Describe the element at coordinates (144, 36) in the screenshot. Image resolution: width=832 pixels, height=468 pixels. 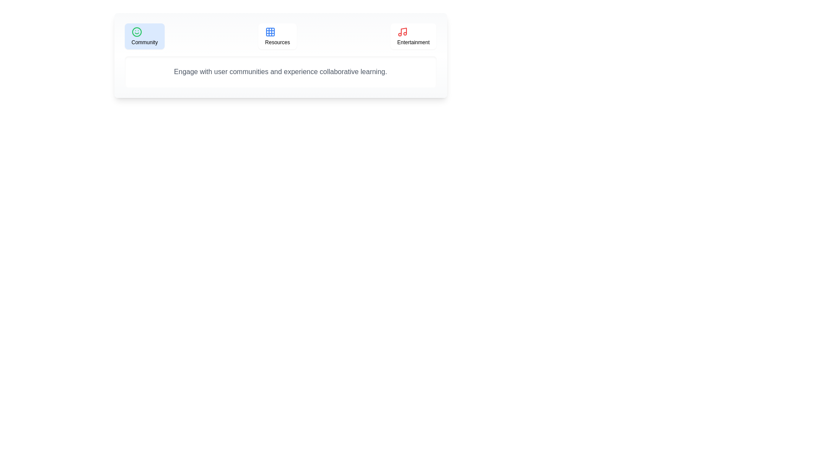
I see `the Community tab by clicking on it` at that location.